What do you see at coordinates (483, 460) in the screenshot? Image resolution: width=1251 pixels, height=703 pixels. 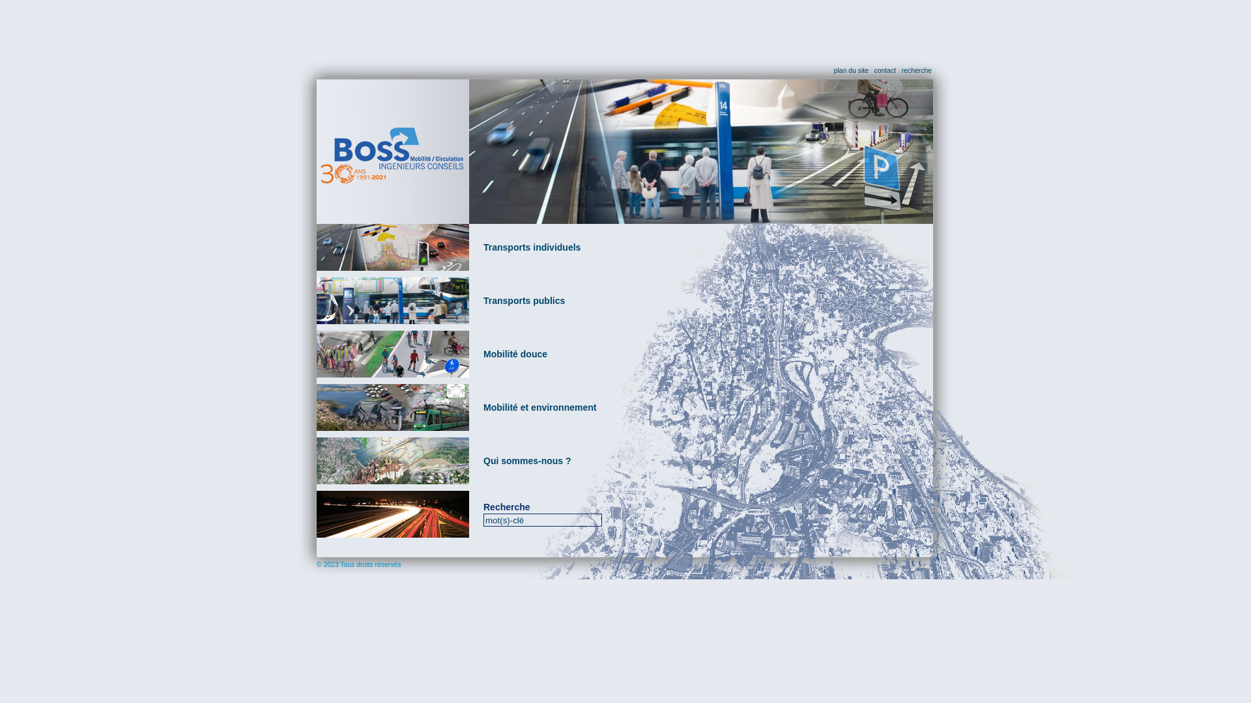 I see `'Qui sommes-nous ?'` at bounding box center [483, 460].